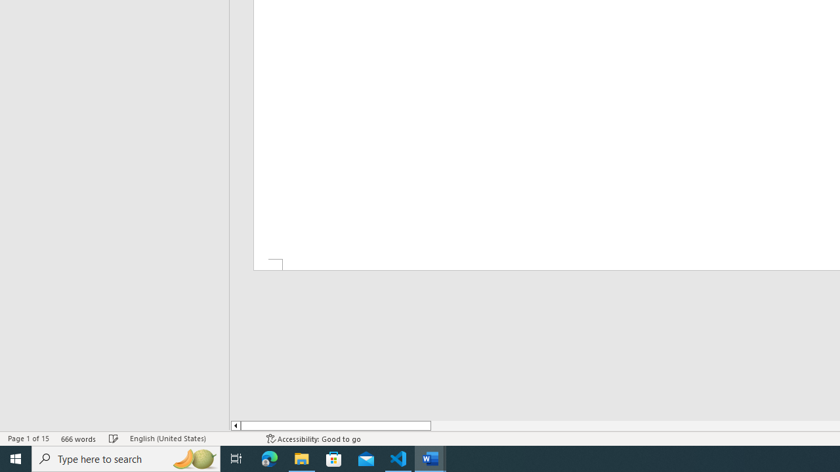 Image resolution: width=840 pixels, height=472 pixels. What do you see at coordinates (235, 425) in the screenshot?
I see `'Column left'` at bounding box center [235, 425].